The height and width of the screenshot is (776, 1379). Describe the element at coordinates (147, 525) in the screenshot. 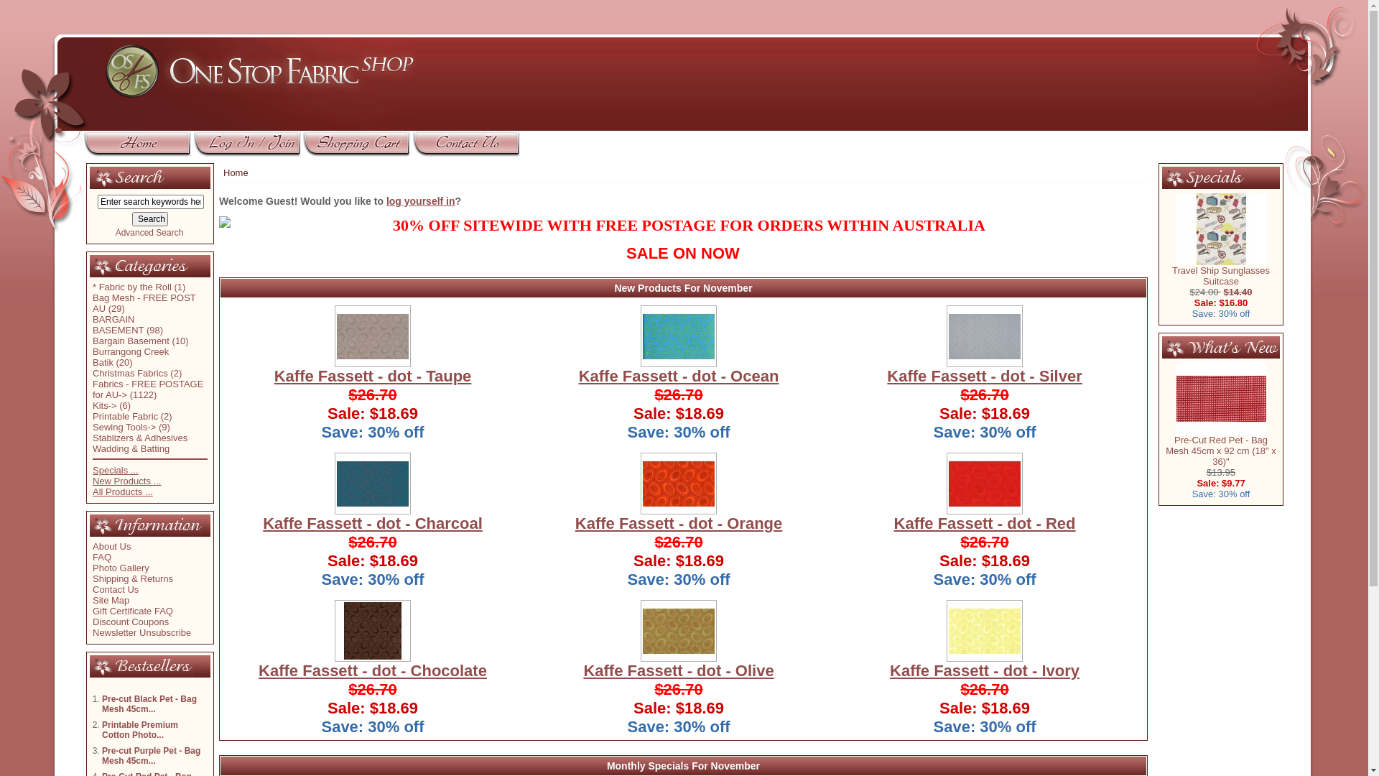

I see `' Information '` at that location.